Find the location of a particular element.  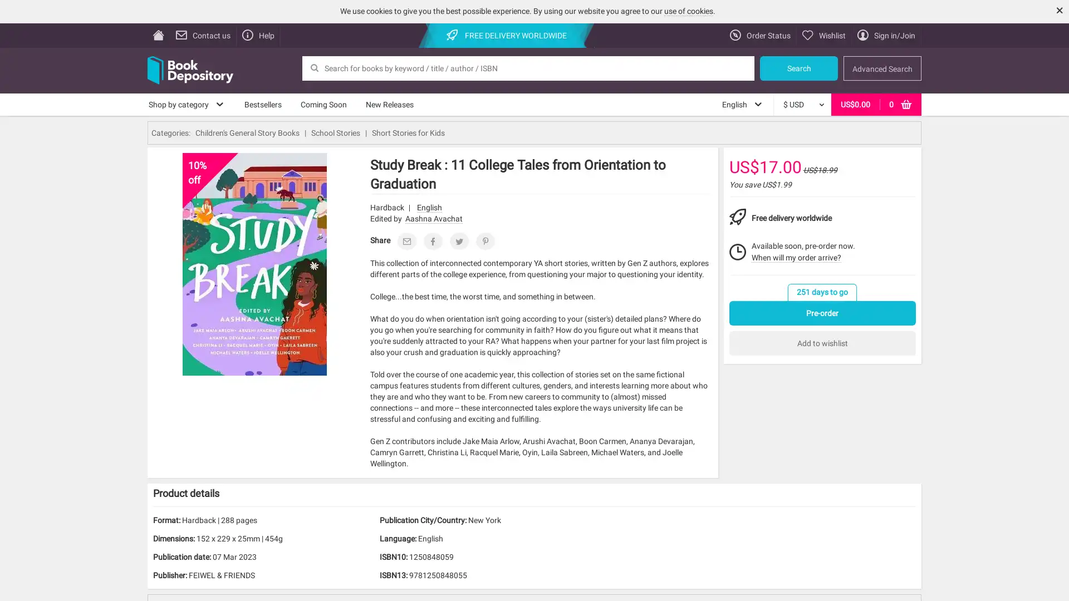

Search is located at coordinates (798, 68).